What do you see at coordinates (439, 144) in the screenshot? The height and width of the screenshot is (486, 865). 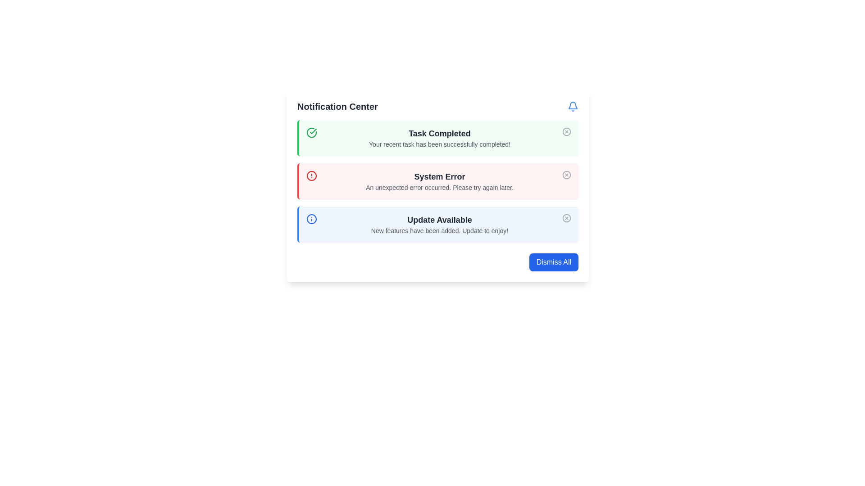 I see `the text element displaying 'Your recent task has been successfully completed!' which is positioned beneath the main heading 'Task Completed' in the green notification box` at bounding box center [439, 144].